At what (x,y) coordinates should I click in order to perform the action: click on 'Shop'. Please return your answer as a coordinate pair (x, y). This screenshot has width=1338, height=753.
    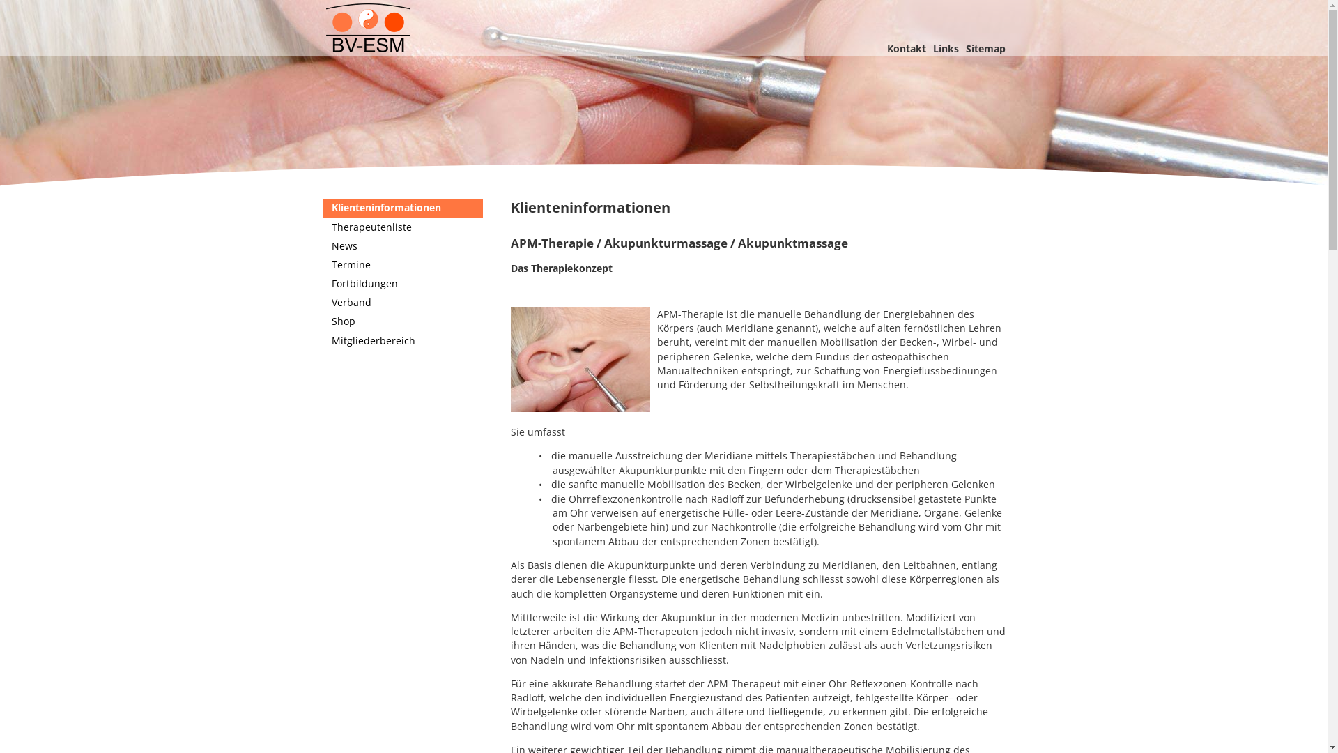
    Looking at the image, I should click on (401, 321).